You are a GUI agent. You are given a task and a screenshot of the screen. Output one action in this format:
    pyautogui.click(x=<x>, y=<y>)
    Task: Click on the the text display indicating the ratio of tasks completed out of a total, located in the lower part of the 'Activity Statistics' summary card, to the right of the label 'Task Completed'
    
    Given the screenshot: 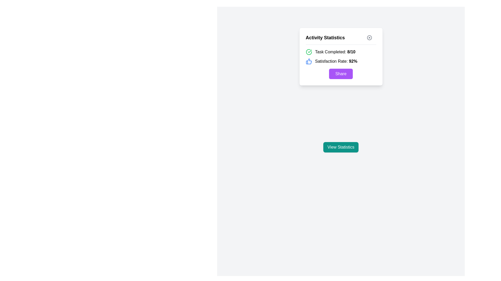 What is the action you would take?
    pyautogui.click(x=351, y=52)
    